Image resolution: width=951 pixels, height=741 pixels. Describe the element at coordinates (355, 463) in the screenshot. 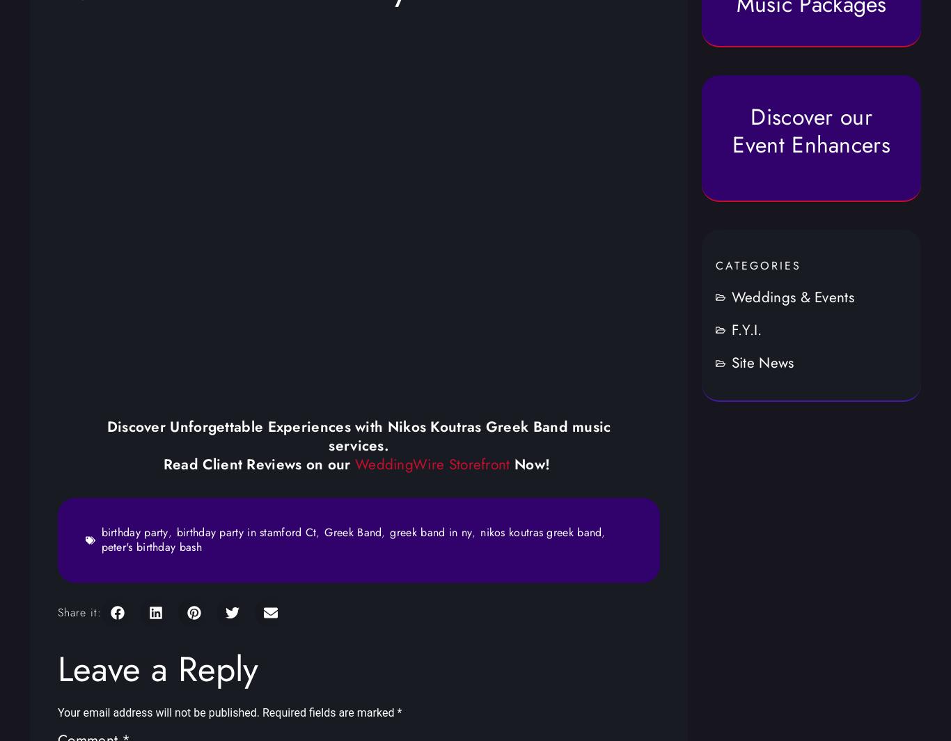

I see `'WeddingWire Storefront'` at that location.